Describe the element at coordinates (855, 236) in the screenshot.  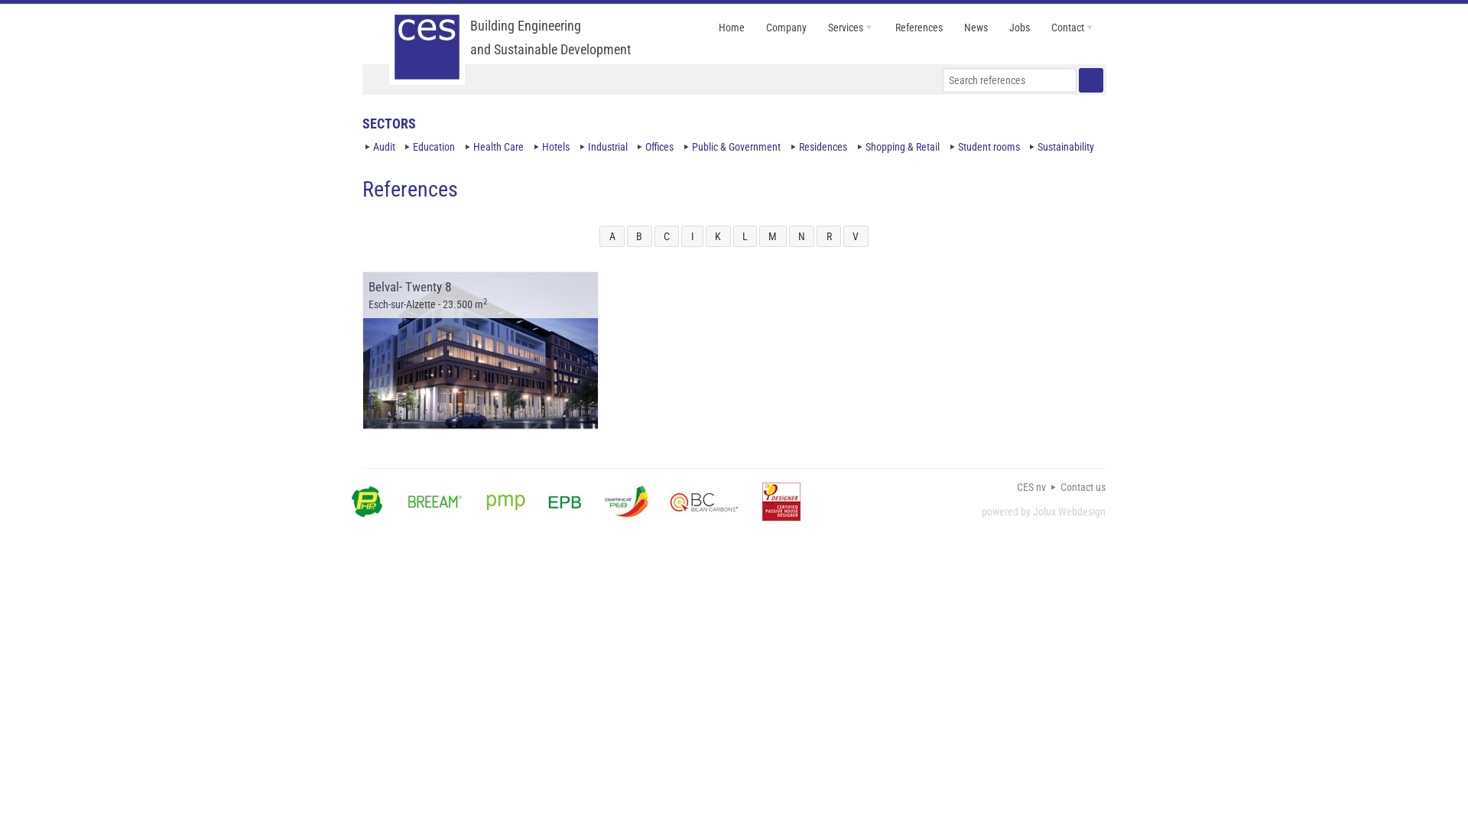
I see `'V'` at that location.